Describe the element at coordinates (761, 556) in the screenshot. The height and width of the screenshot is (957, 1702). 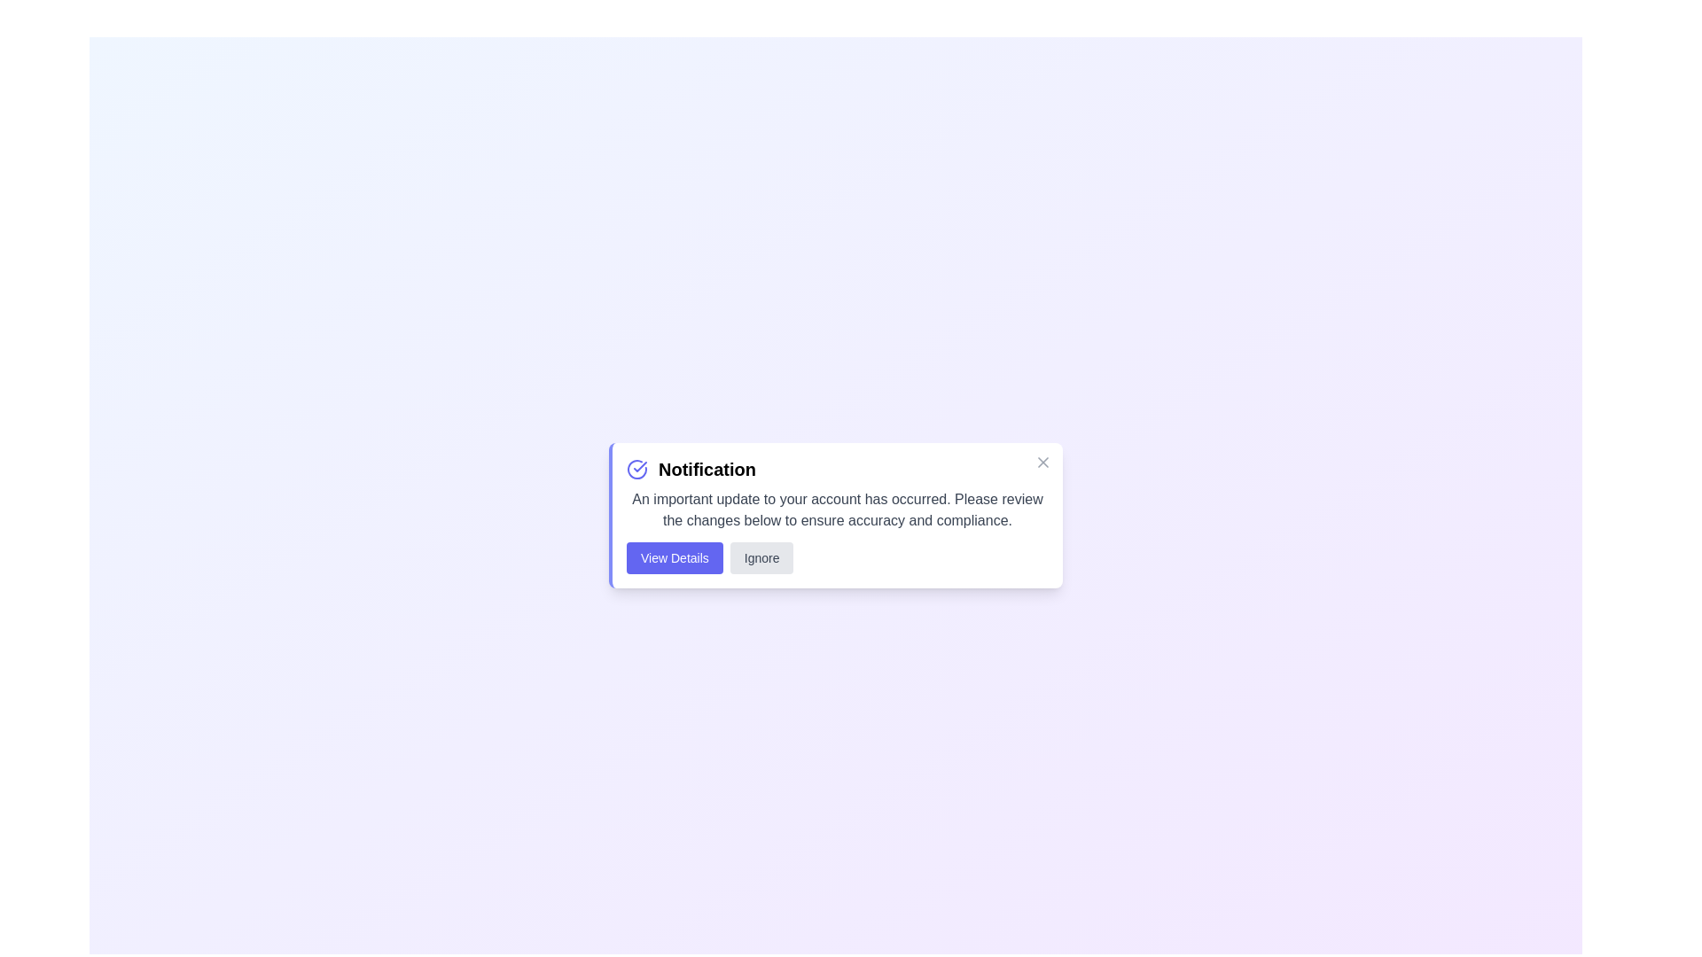
I see `the 'Ignore' button to dismiss the notification` at that location.